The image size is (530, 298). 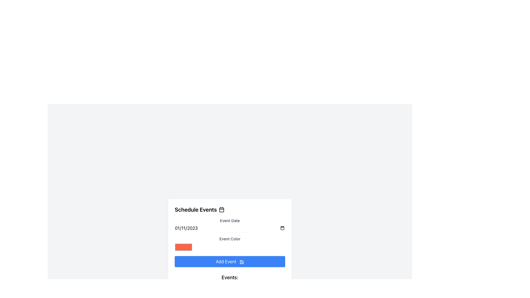 What do you see at coordinates (230, 225) in the screenshot?
I see `the 'Event Date' label, which is a small text label positioned above the date input field in the form section` at bounding box center [230, 225].